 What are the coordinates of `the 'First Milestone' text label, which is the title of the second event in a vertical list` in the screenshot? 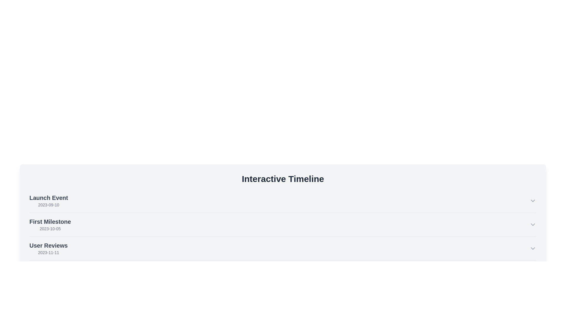 It's located at (50, 221).